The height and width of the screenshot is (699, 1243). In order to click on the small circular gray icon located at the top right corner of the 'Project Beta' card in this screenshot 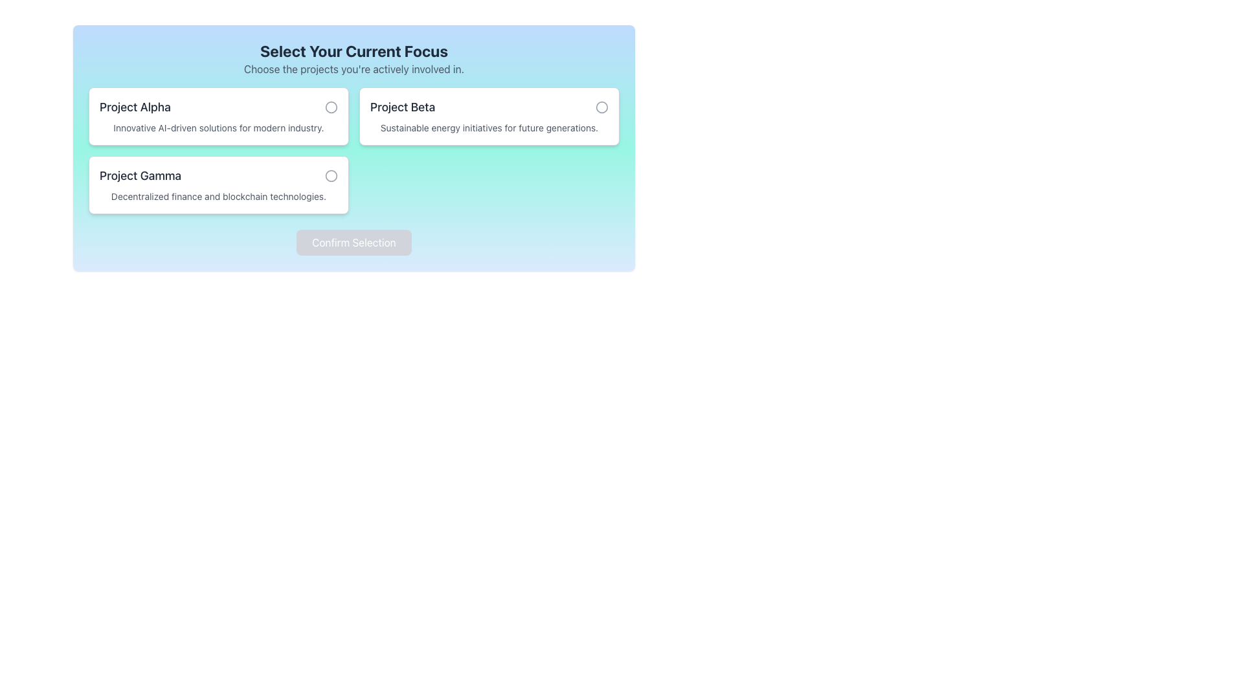, I will do `click(601, 106)`.